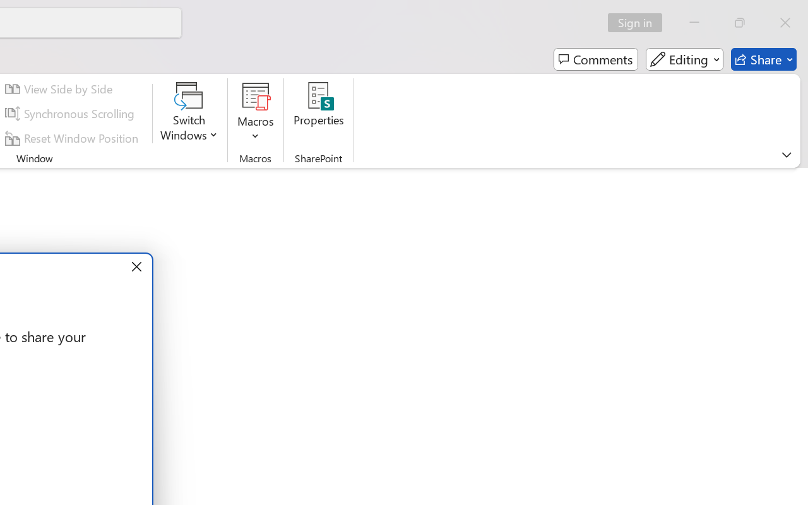 This screenshot has height=505, width=808. I want to click on 'Properties', so click(319, 113).